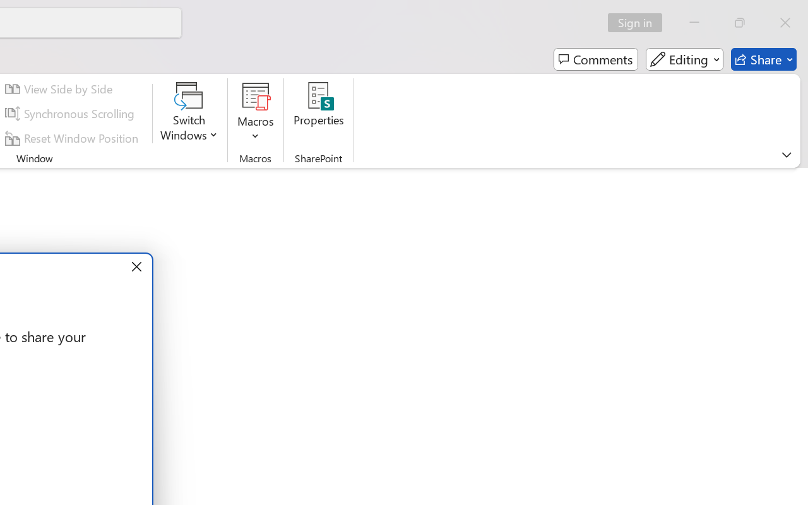 This screenshot has height=505, width=808. I want to click on 'Properties', so click(319, 113).